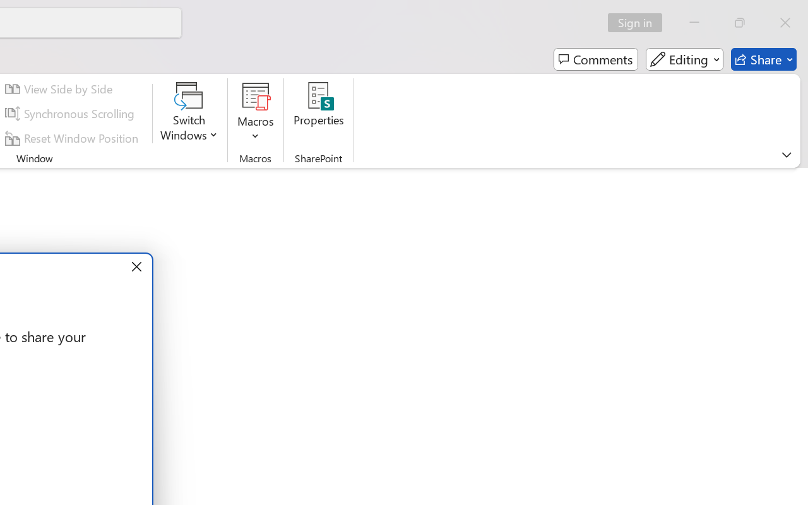 This screenshot has height=505, width=808. I want to click on 'Properties', so click(319, 113).